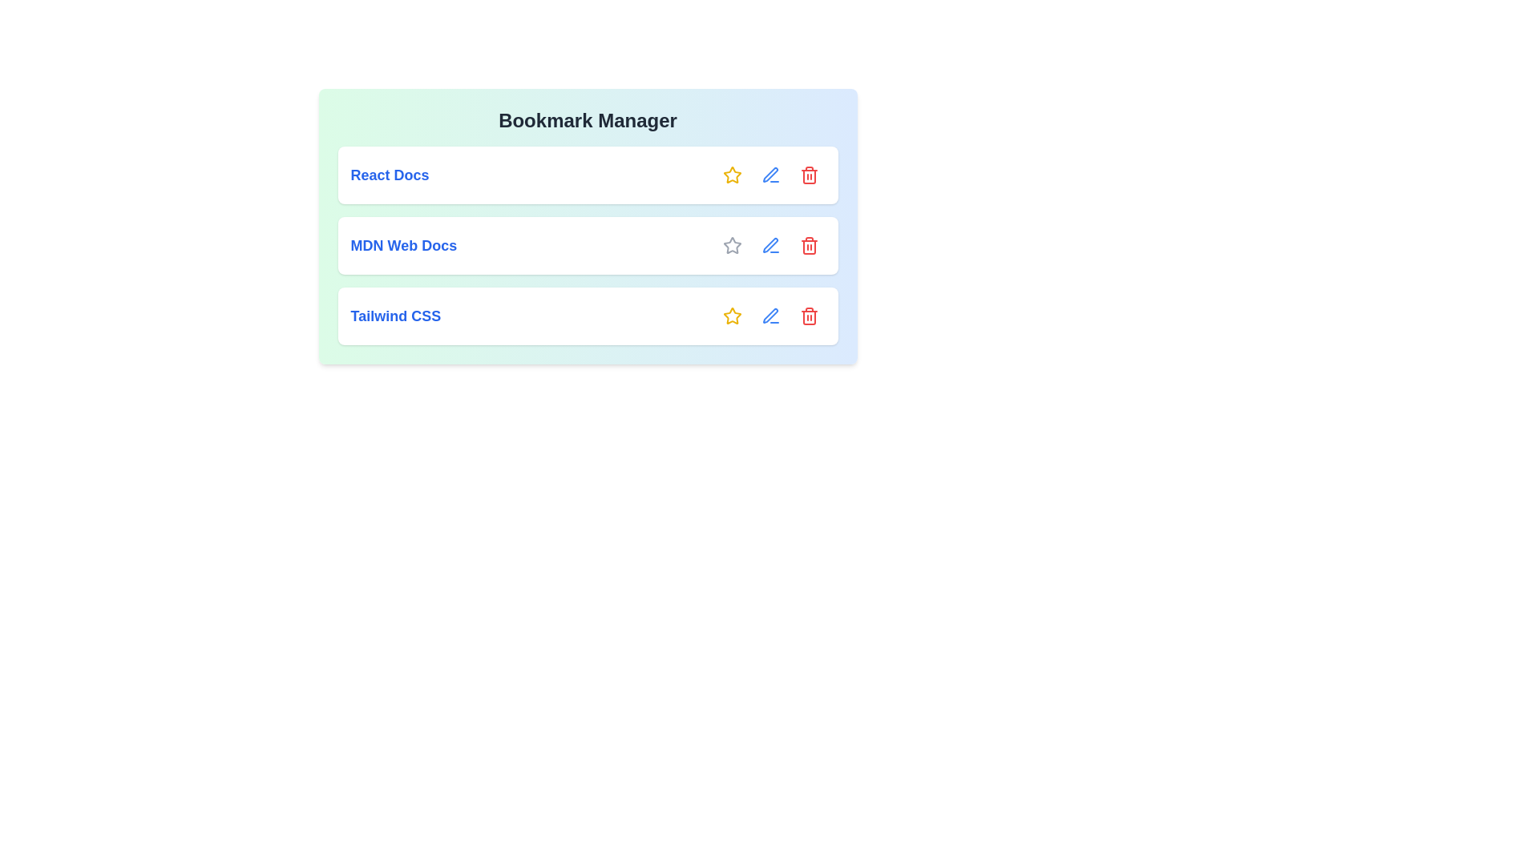 This screenshot has width=1539, height=865. I want to click on the edit icon for the bookmark with name React Docs, so click(770, 175).